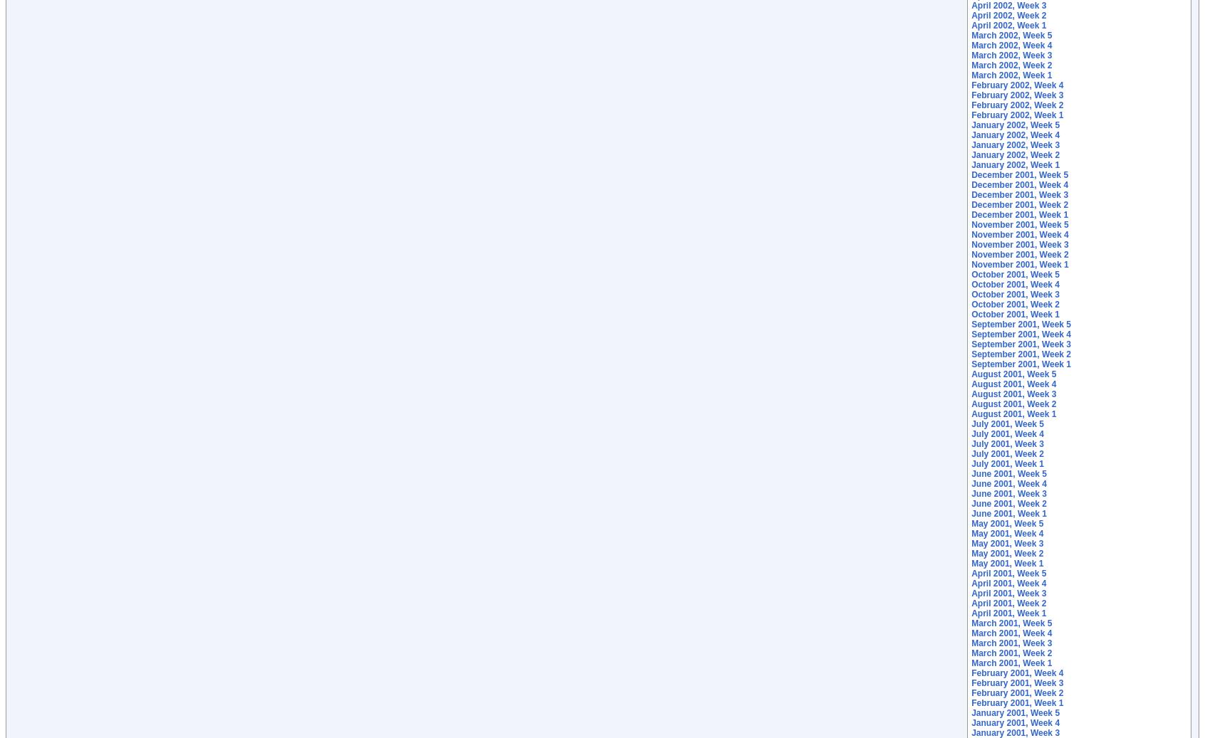  What do you see at coordinates (1011, 653) in the screenshot?
I see `'March 2001, Week 2'` at bounding box center [1011, 653].